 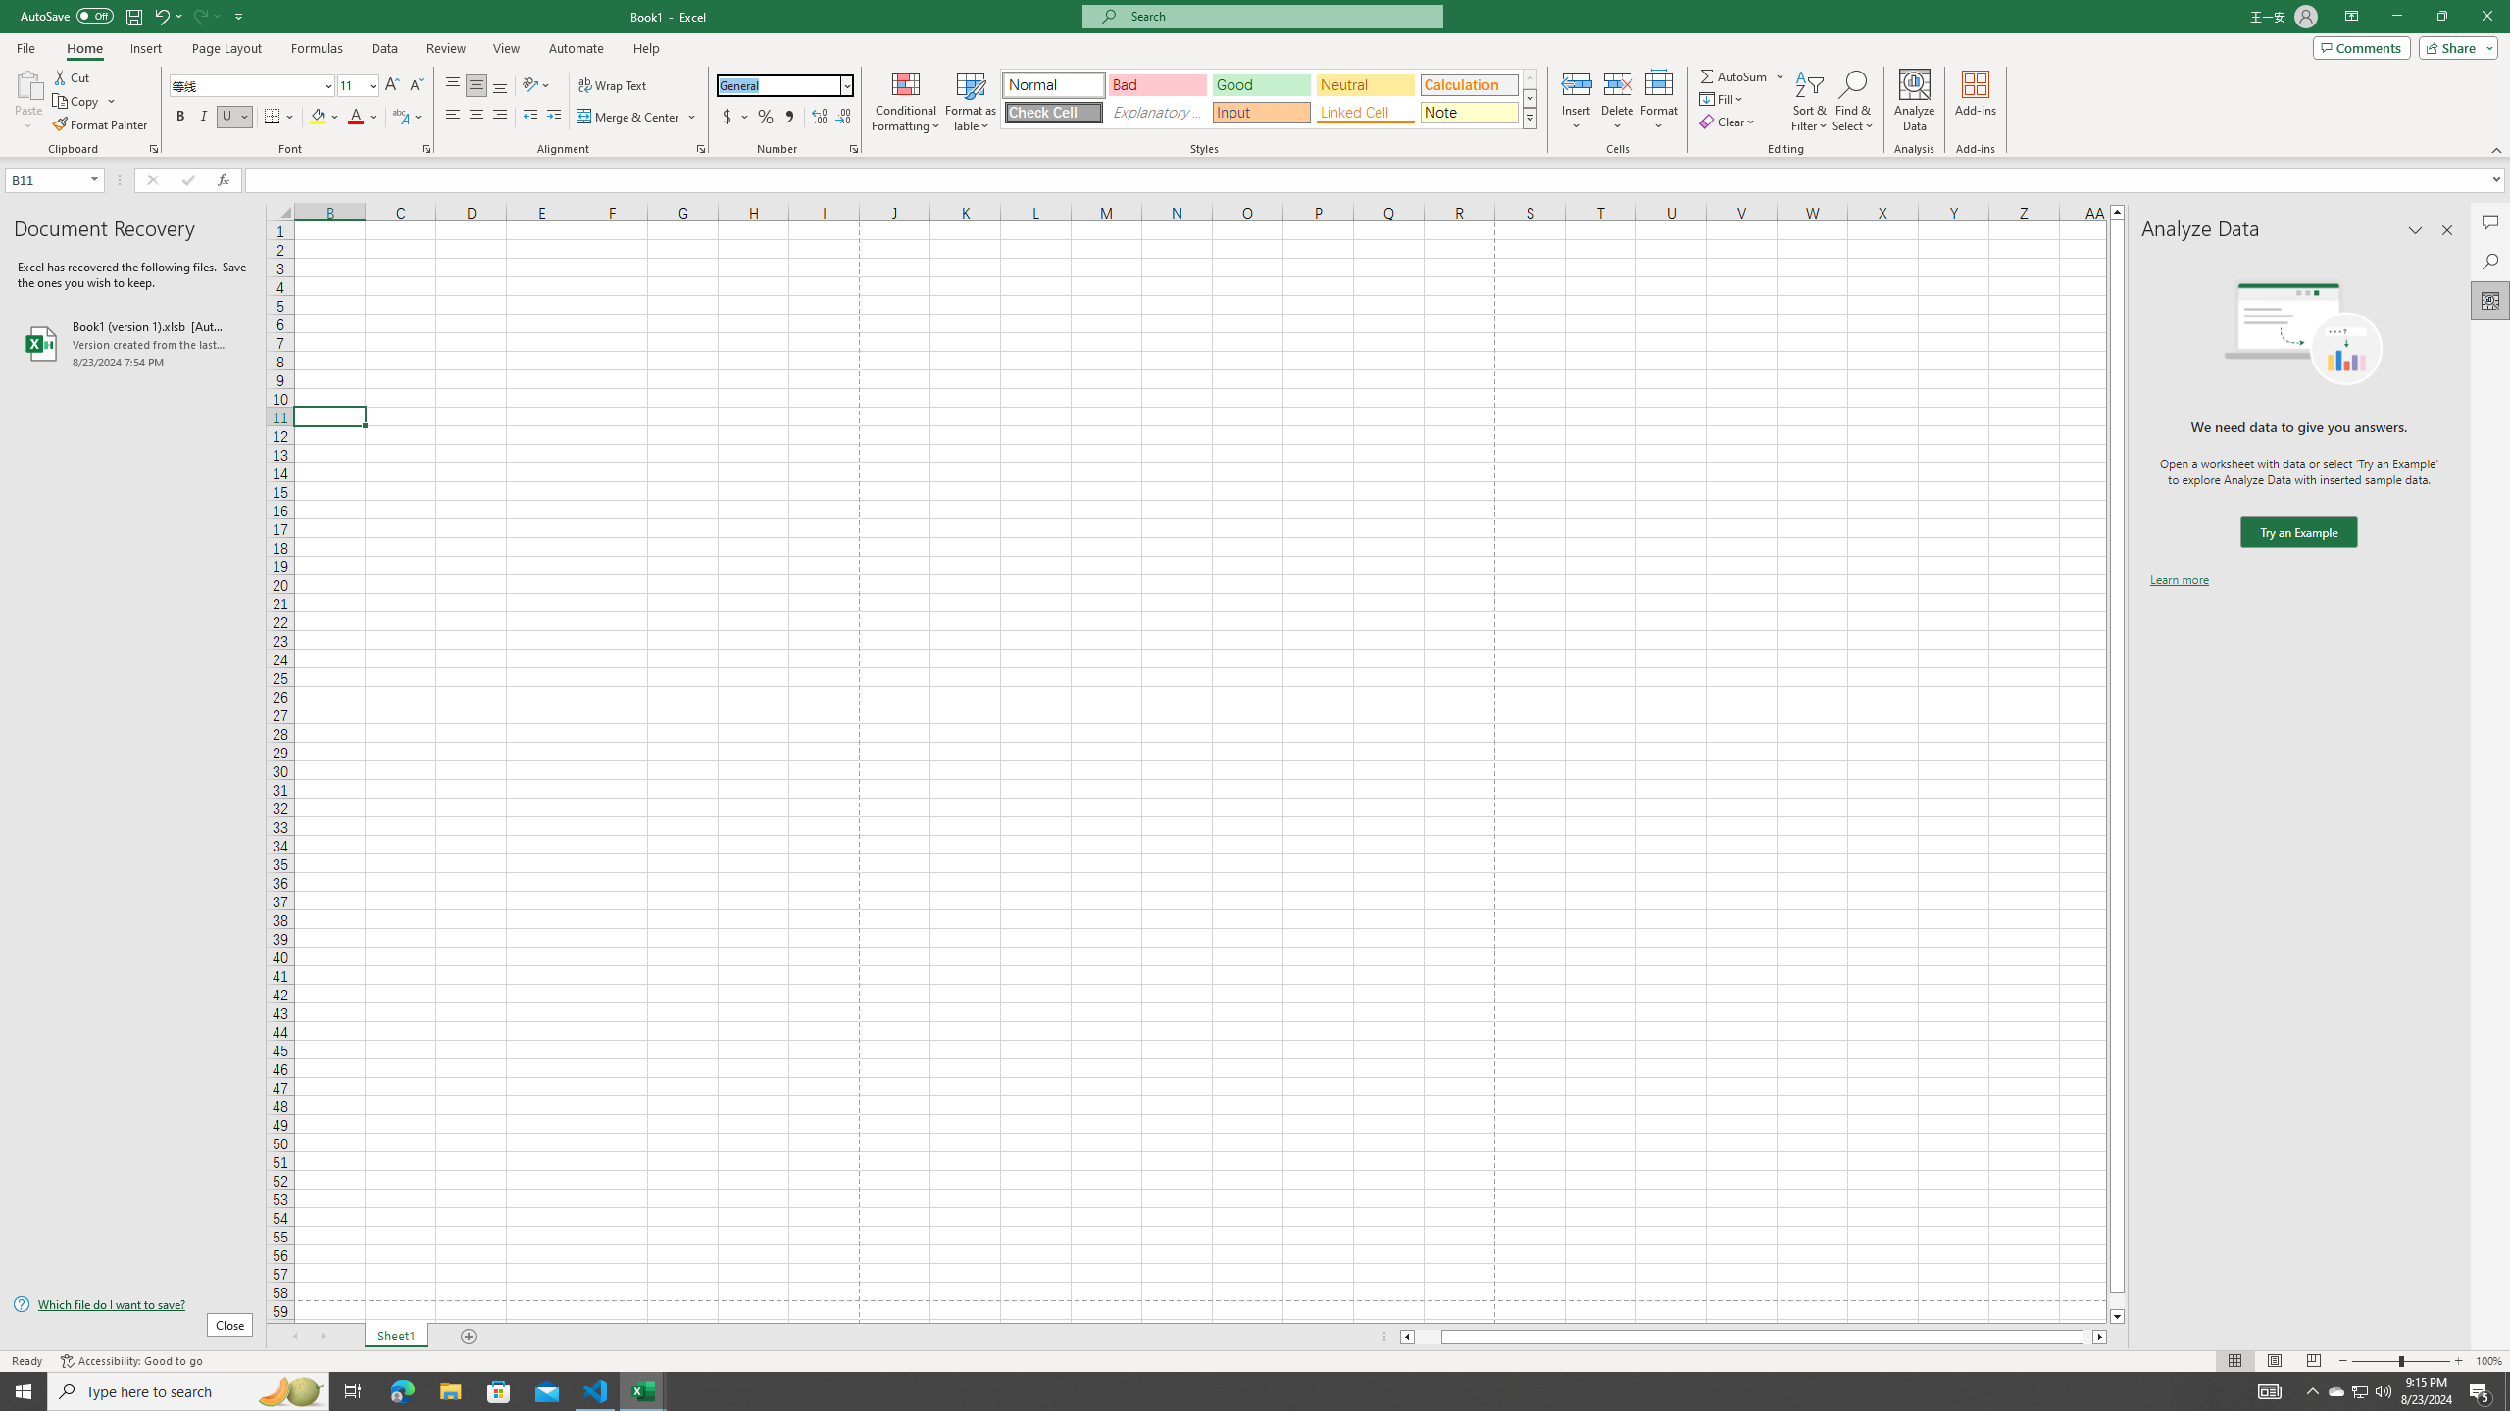 I want to click on 'Comma Style', so click(x=788, y=116).